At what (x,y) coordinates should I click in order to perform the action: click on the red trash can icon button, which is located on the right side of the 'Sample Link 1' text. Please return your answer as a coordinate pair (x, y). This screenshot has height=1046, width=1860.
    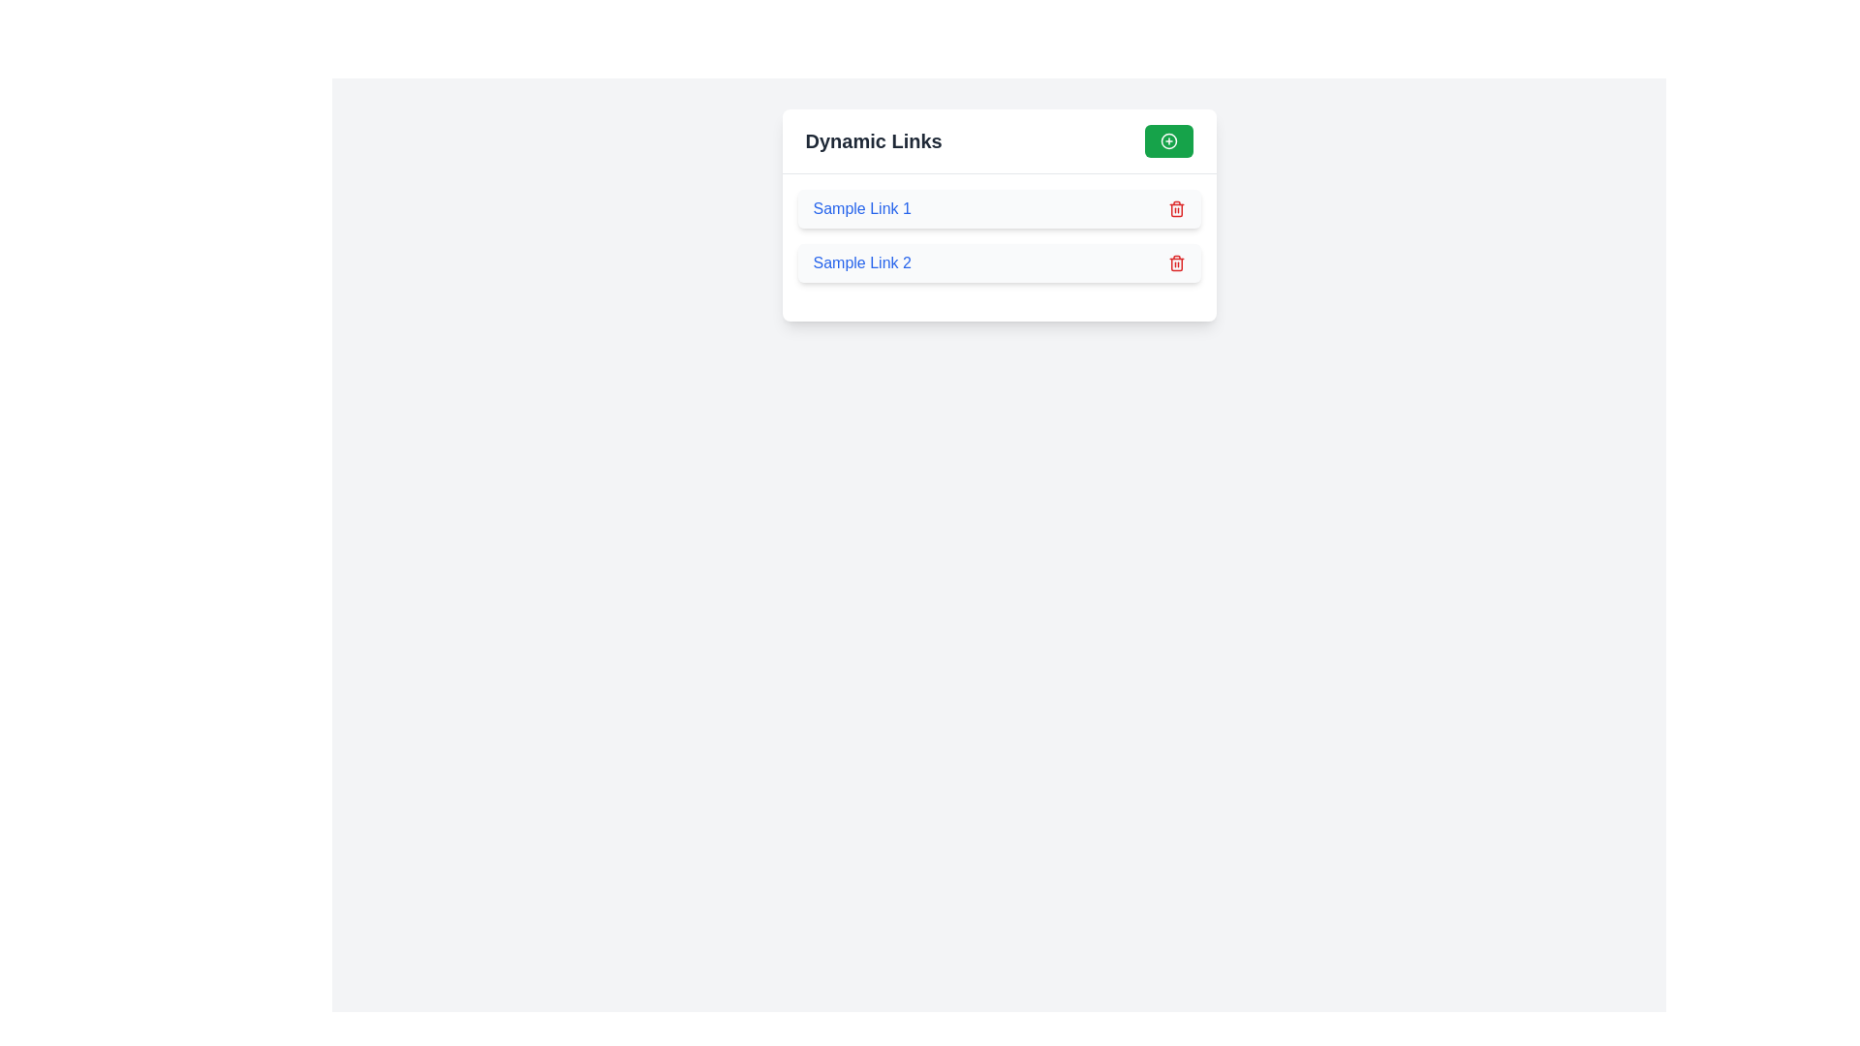
    Looking at the image, I should click on (1175, 209).